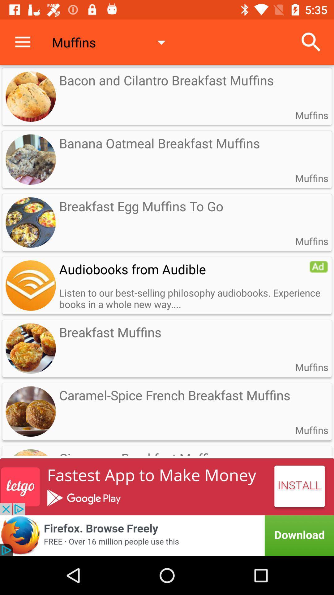  I want to click on the option, so click(319, 267).